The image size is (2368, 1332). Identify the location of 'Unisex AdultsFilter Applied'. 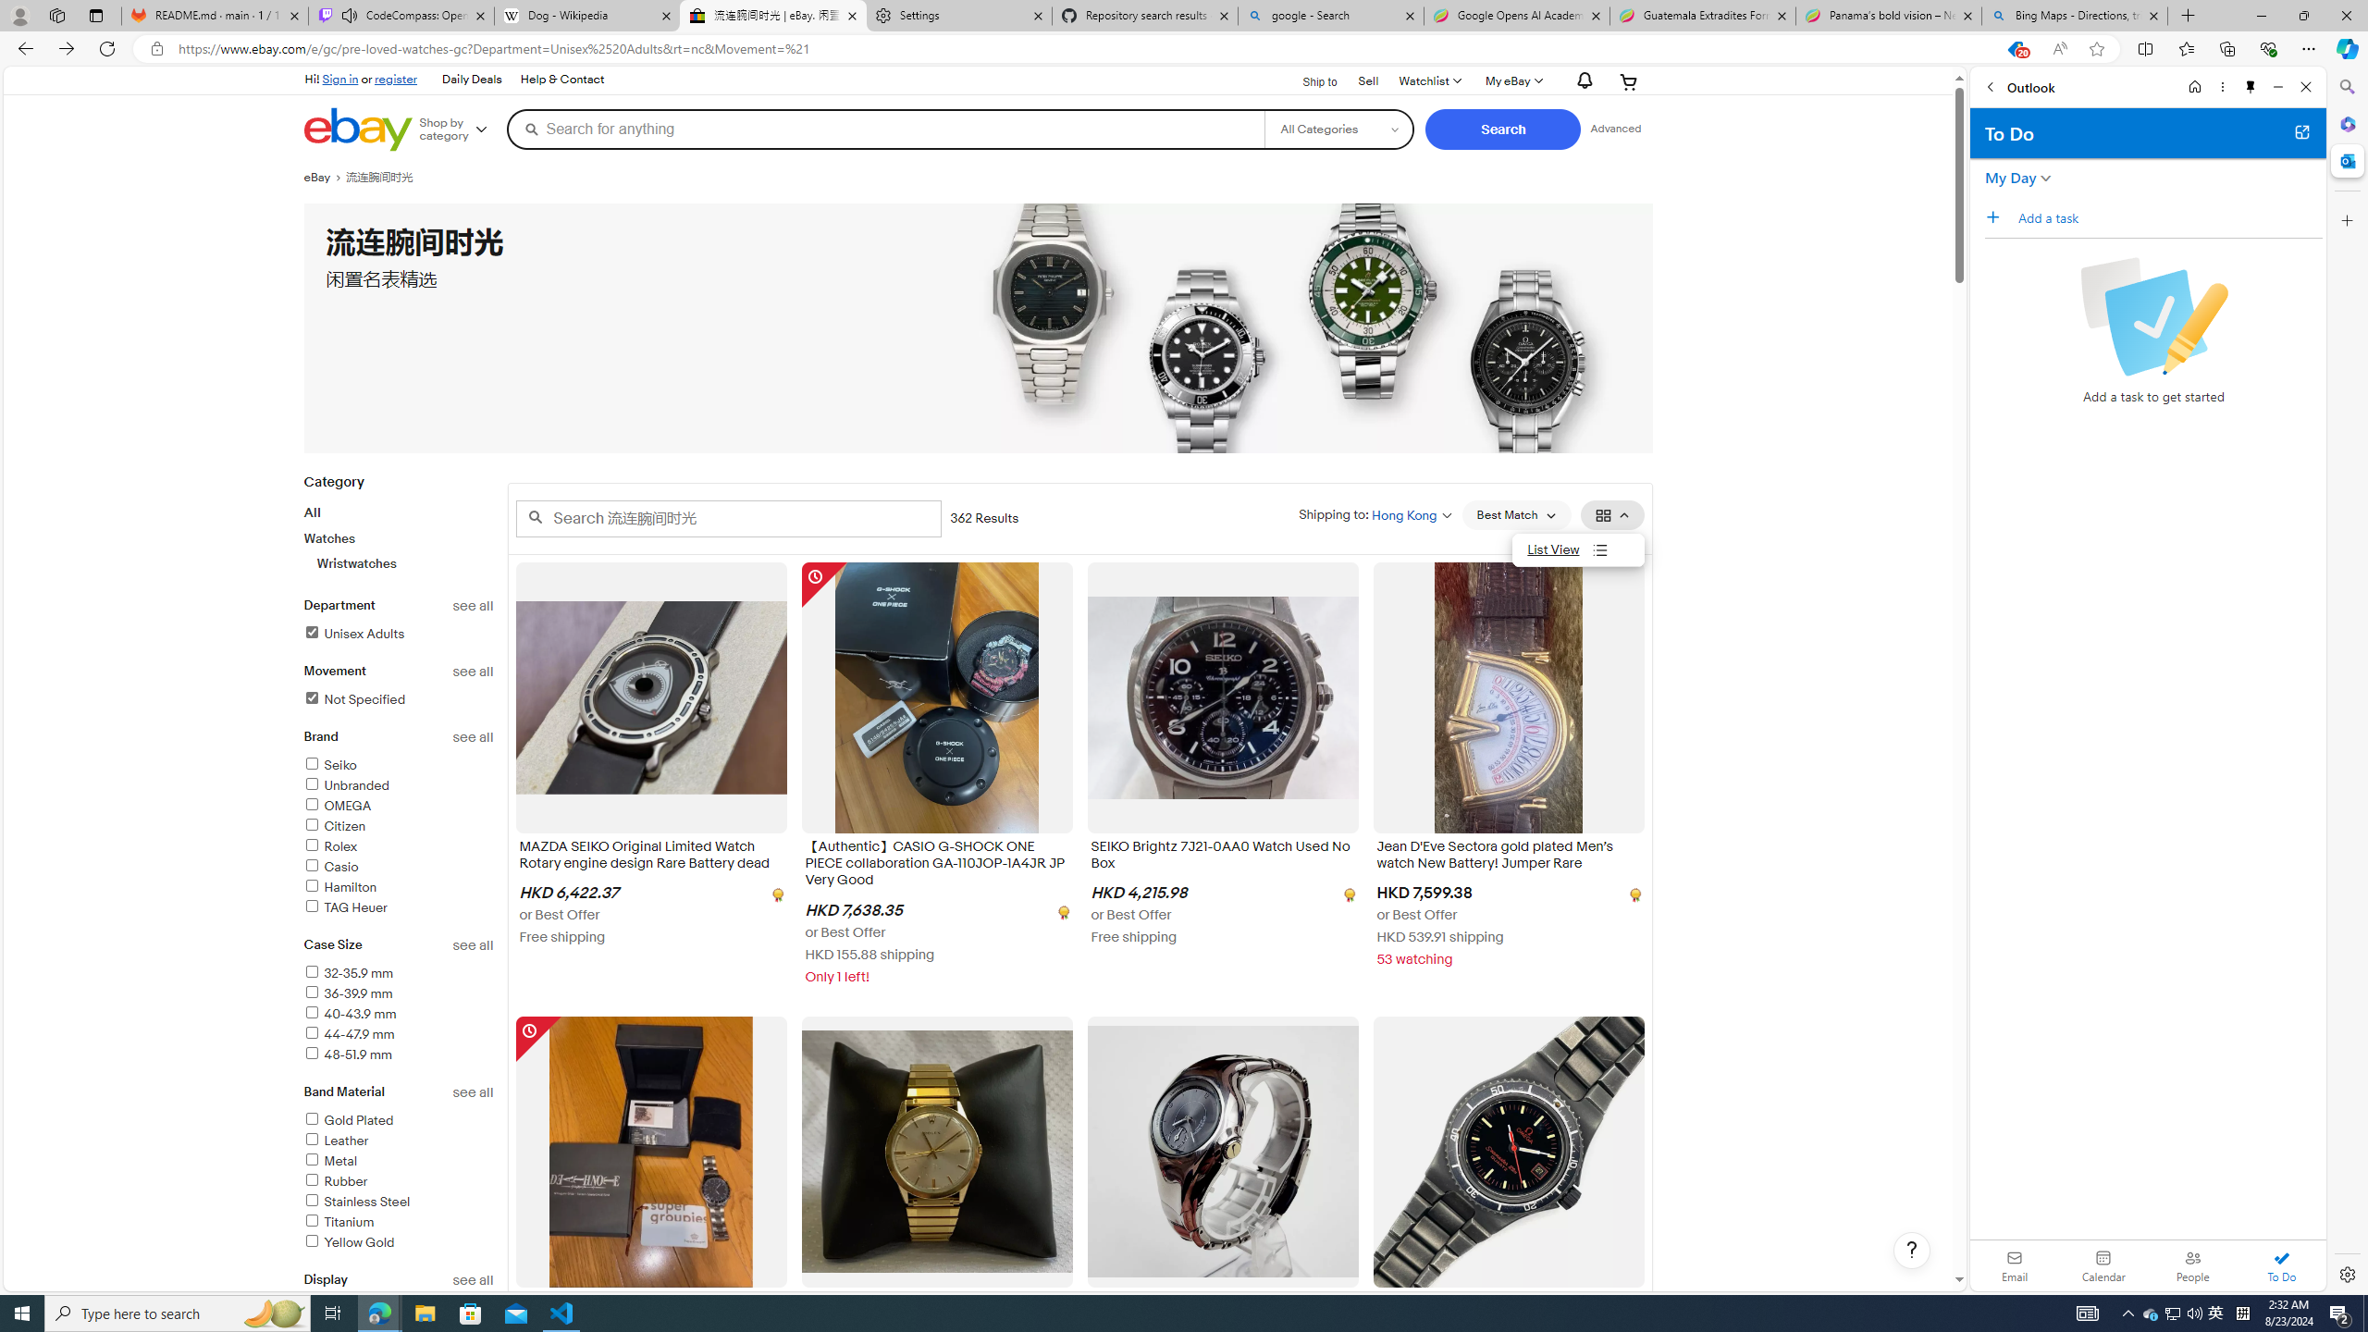
(399, 634).